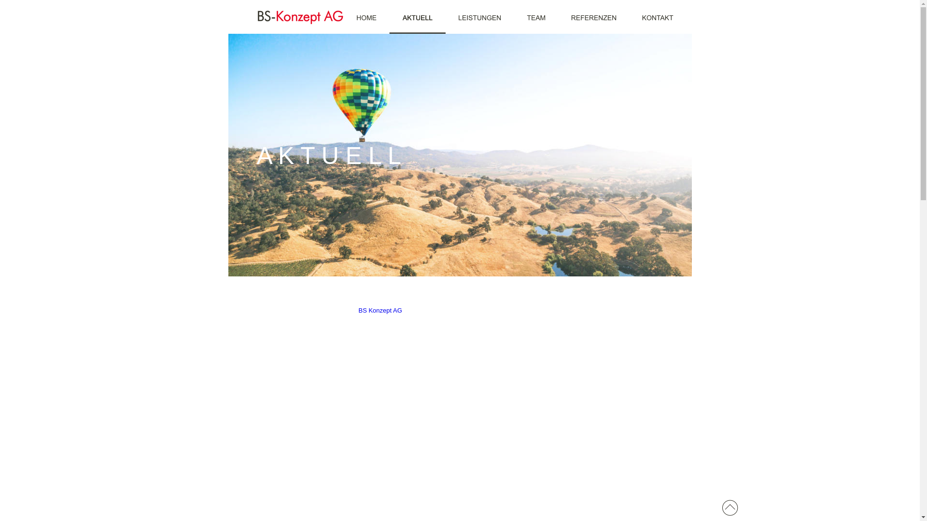 The width and height of the screenshot is (927, 521). I want to click on 'BS Konzept AG', so click(379, 310).